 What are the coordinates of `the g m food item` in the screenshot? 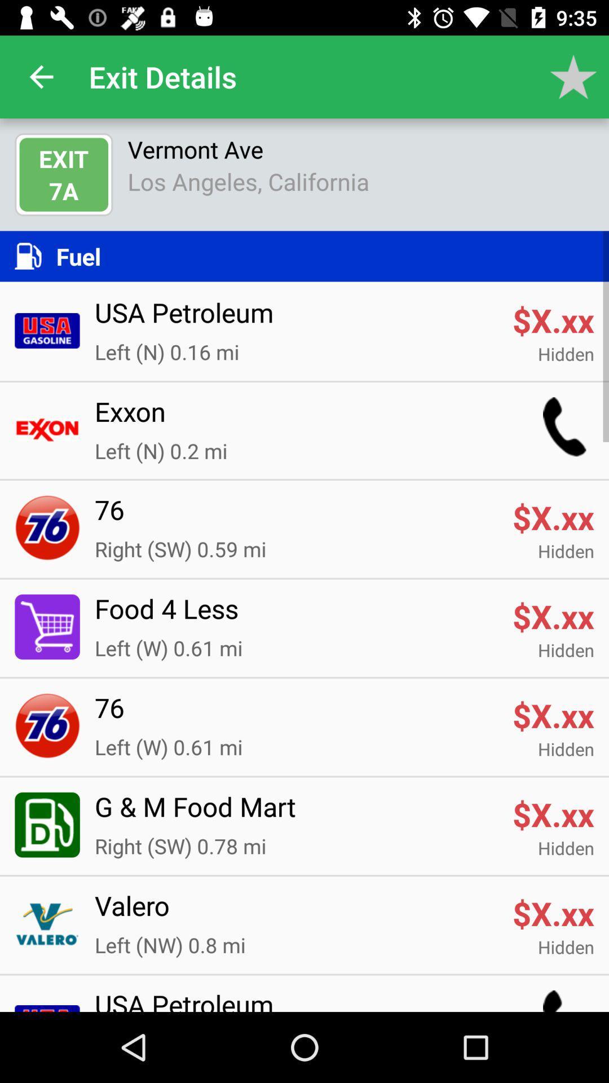 It's located at (295, 813).